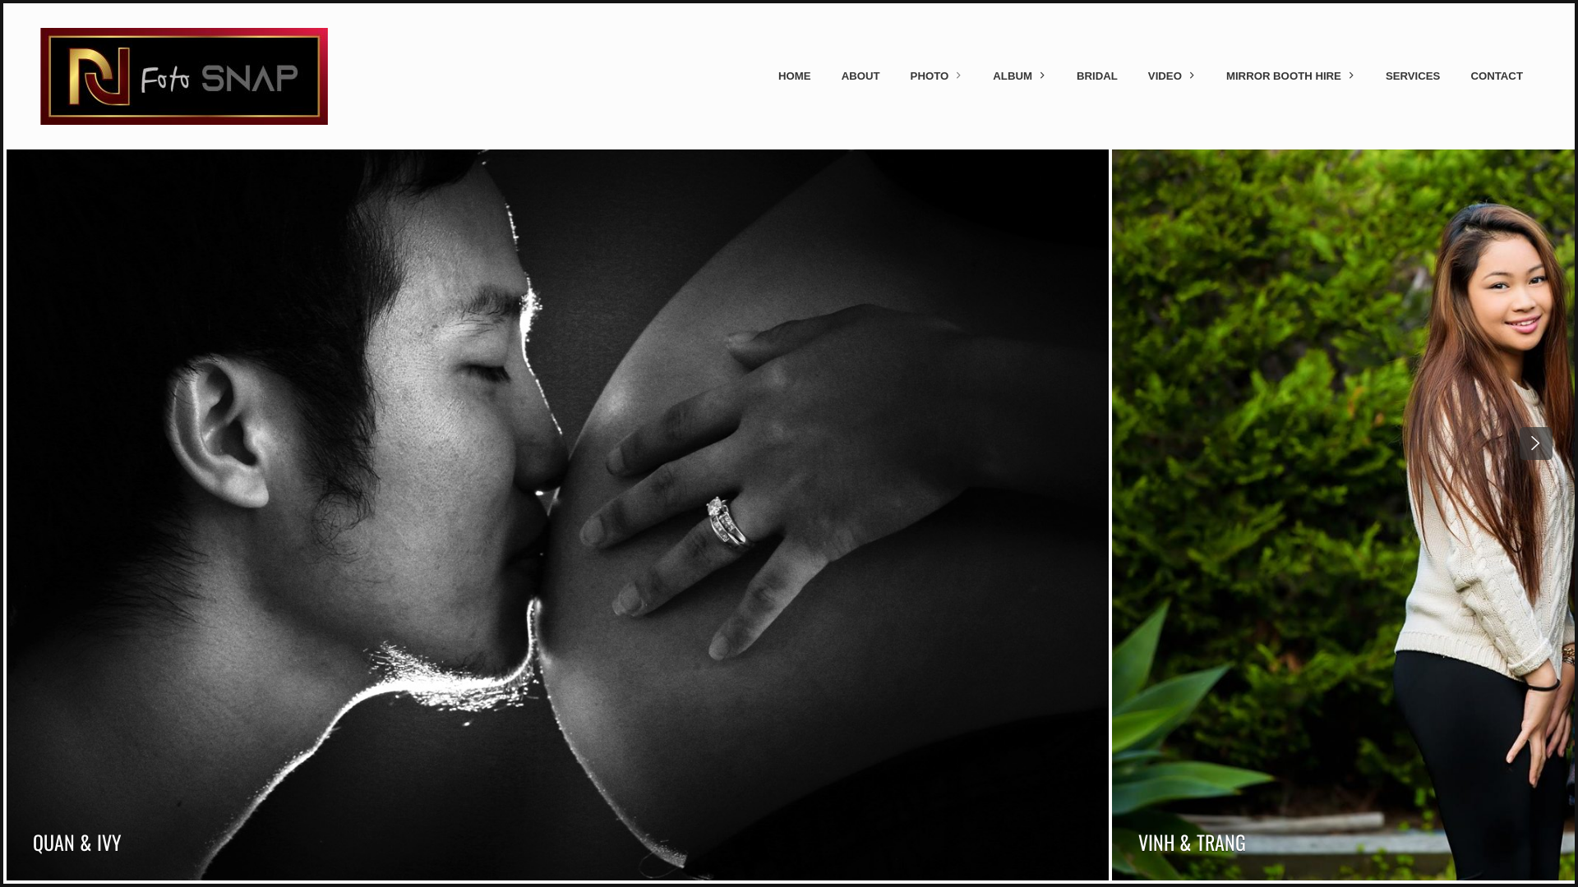 The width and height of the screenshot is (1578, 887). I want to click on 'VIDEO', so click(1170, 76).